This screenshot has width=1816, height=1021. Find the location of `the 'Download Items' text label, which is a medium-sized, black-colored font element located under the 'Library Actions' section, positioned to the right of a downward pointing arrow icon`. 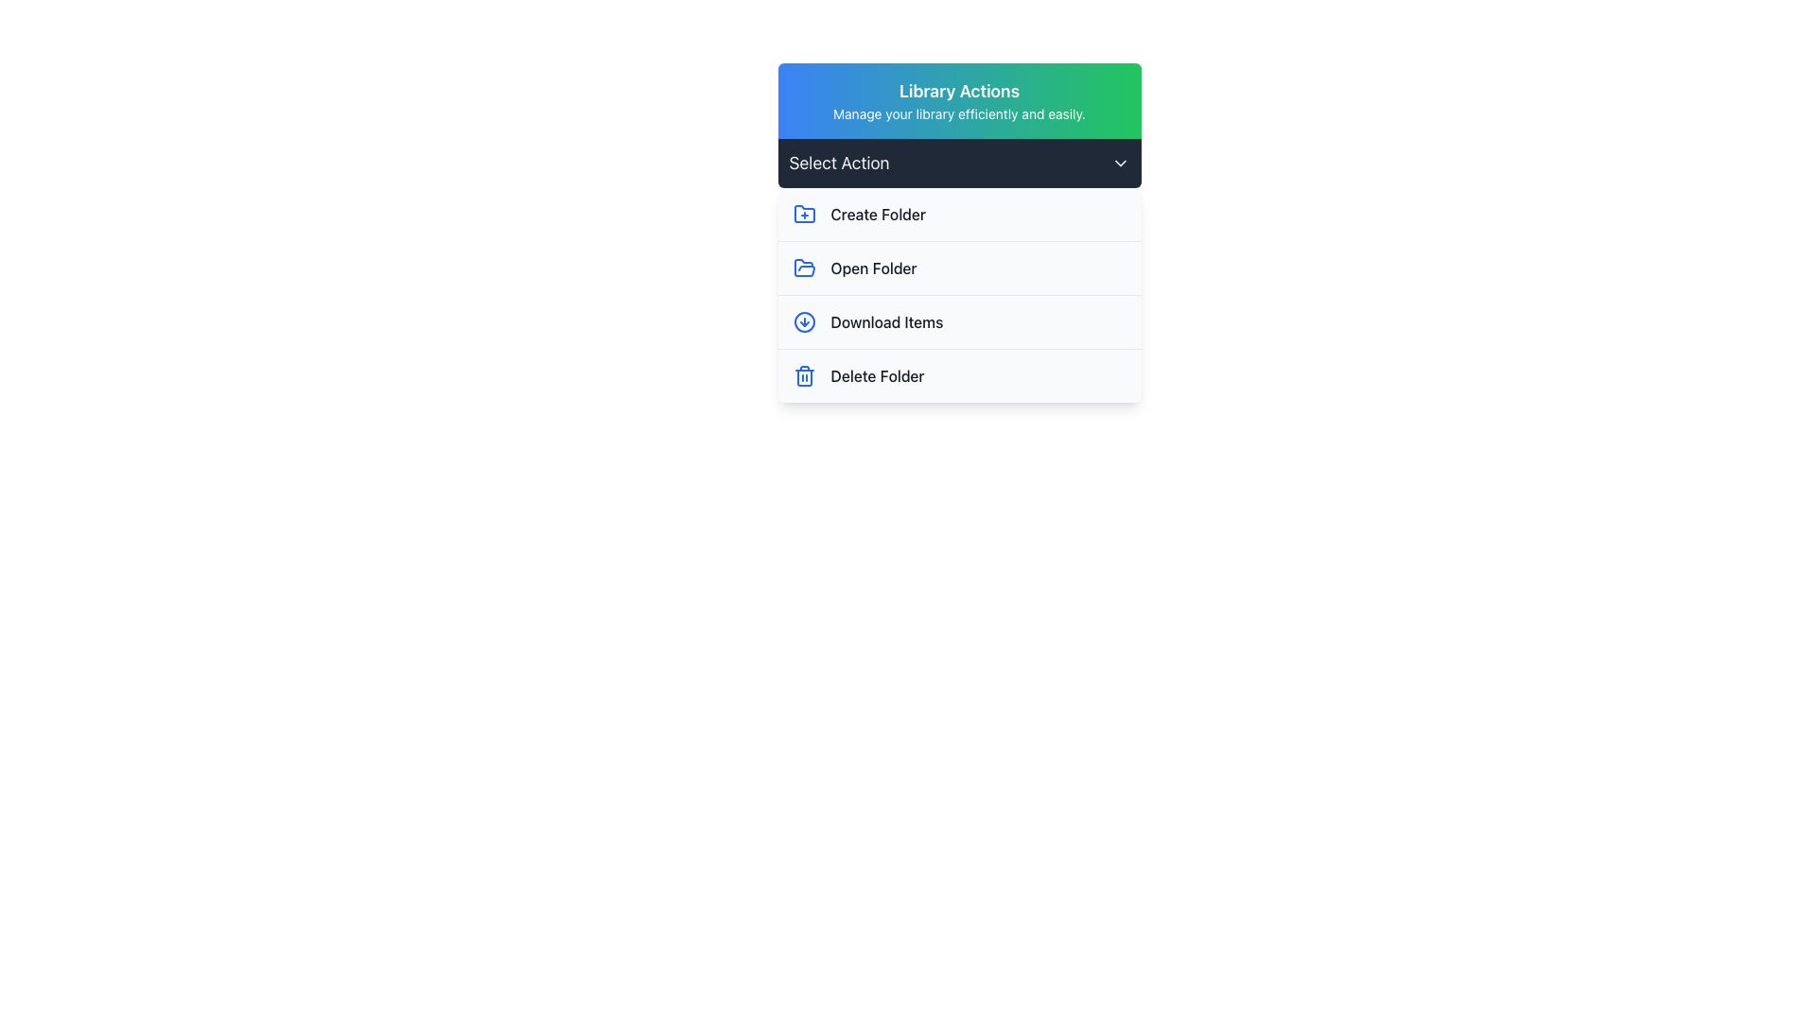

the 'Download Items' text label, which is a medium-sized, black-colored font element located under the 'Library Actions' section, positioned to the right of a downward pointing arrow icon is located at coordinates (885, 320).